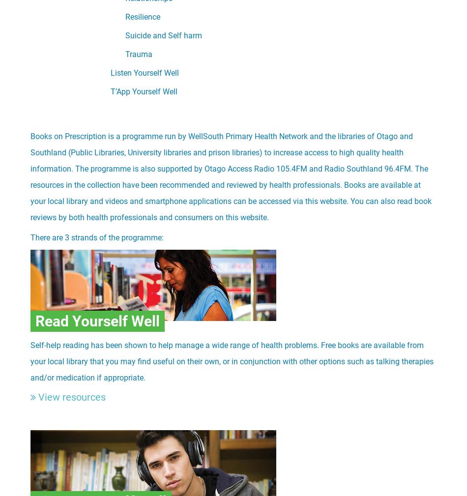 The image size is (467, 496). What do you see at coordinates (124, 54) in the screenshot?
I see `'Trauma'` at bounding box center [124, 54].